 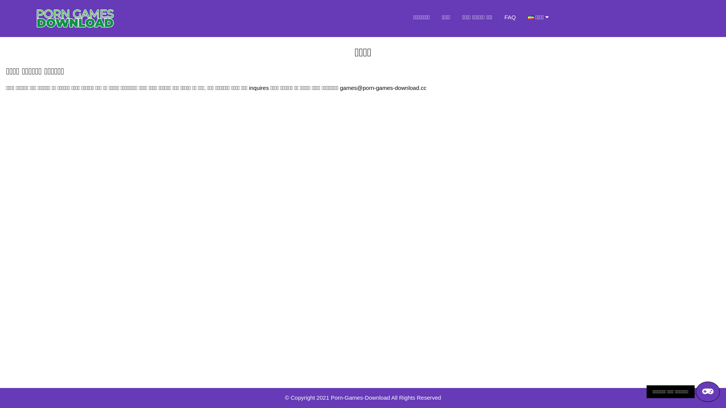 What do you see at coordinates (510, 17) in the screenshot?
I see `'FAQ'` at bounding box center [510, 17].